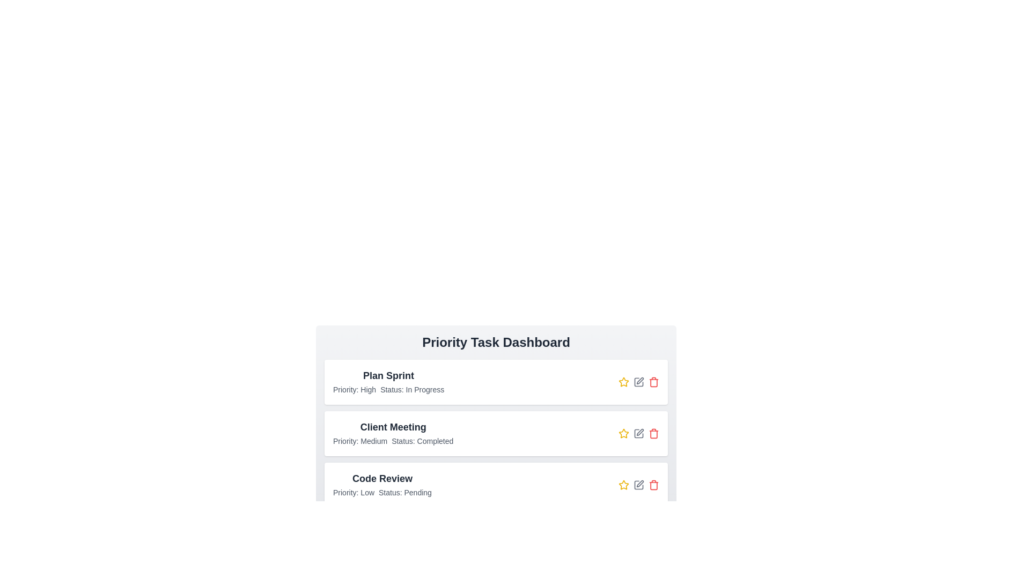 The width and height of the screenshot is (1030, 579). I want to click on the delete button for the task titled Code Review, so click(653, 485).